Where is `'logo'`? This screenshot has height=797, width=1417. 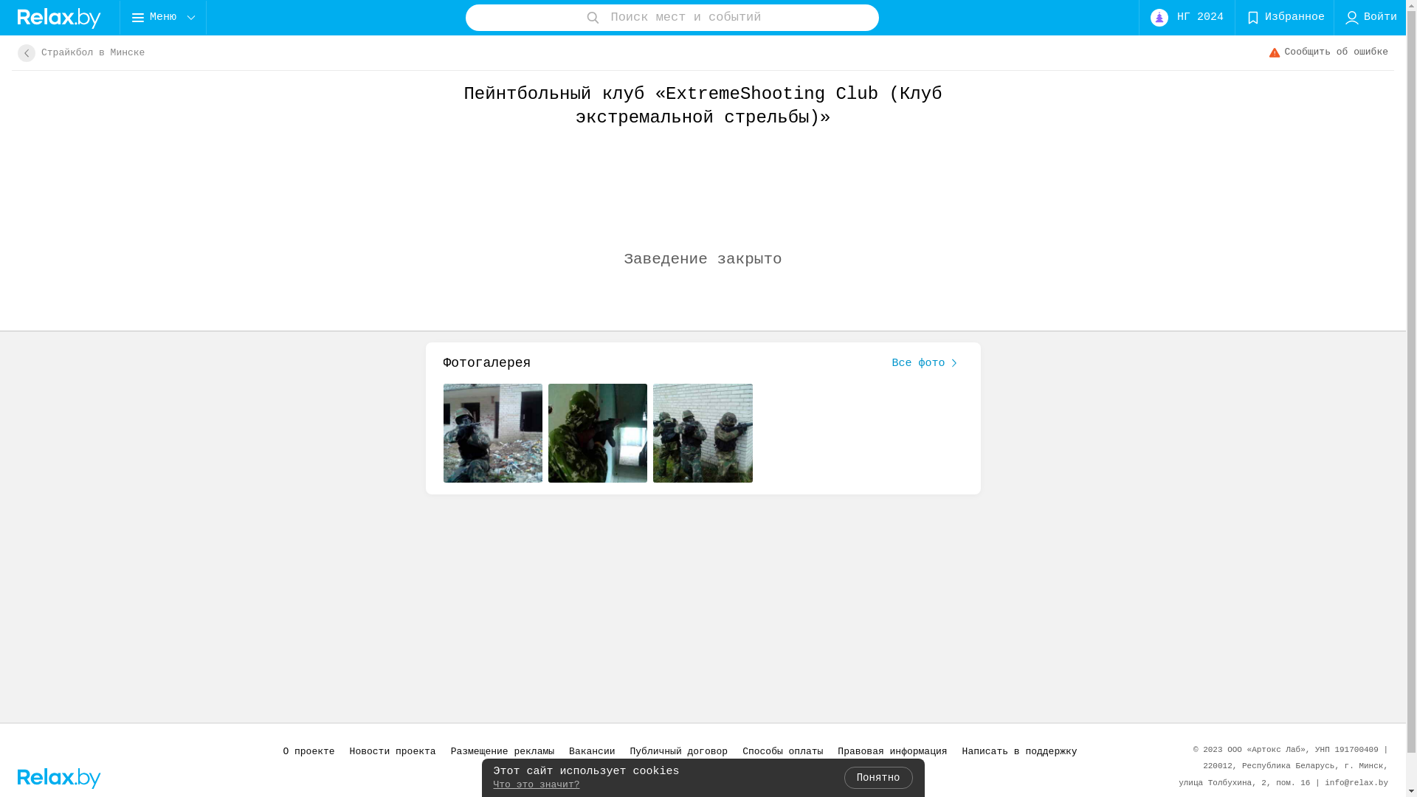 'logo' is located at coordinates (59, 17).